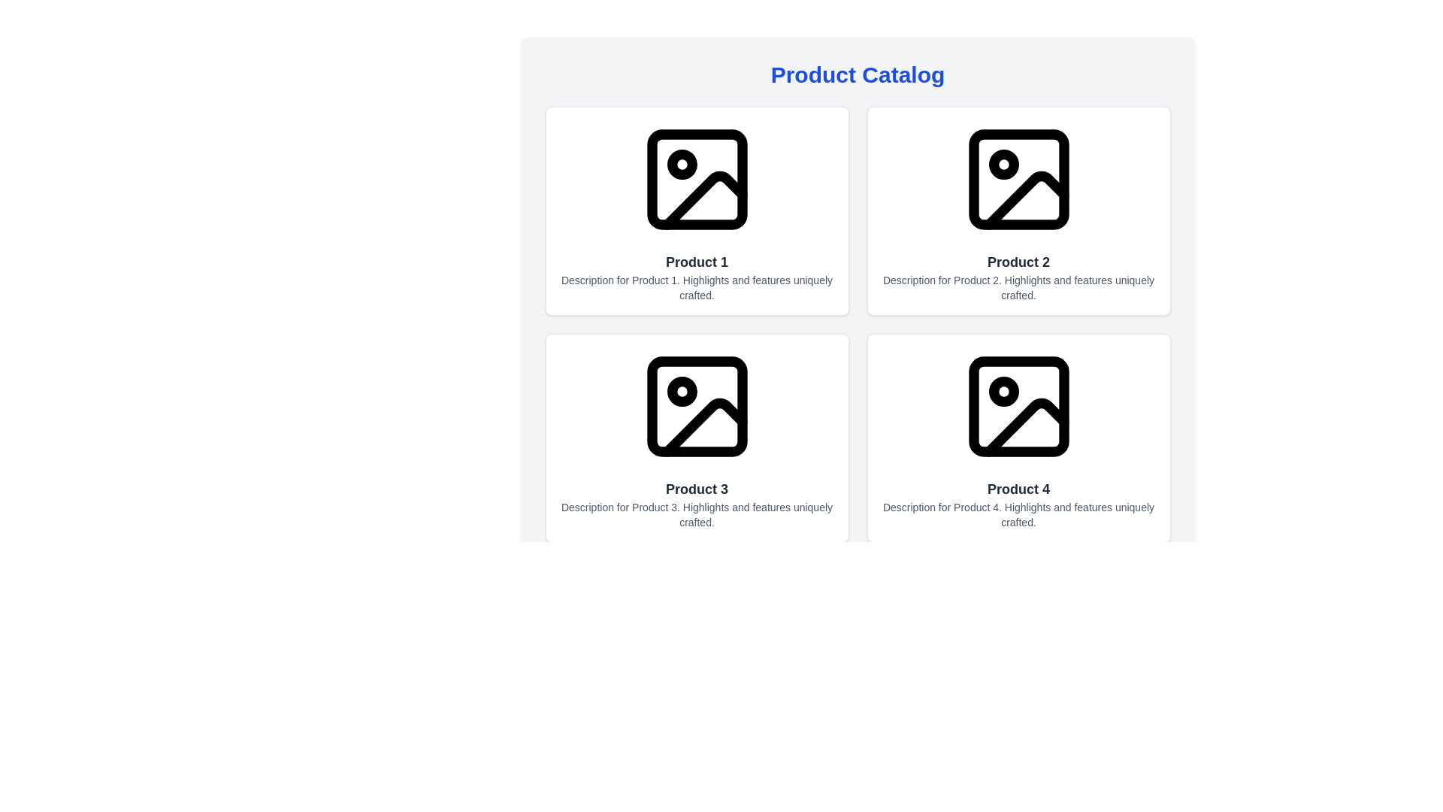 The height and width of the screenshot is (812, 1443). Describe the element at coordinates (681, 165) in the screenshot. I see `the style of the circular graphical element located in the upper left corner of the 'Product 1' icon` at that location.